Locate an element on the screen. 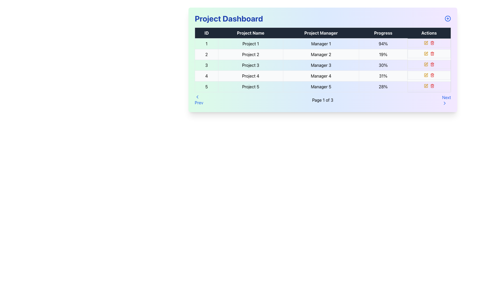 The width and height of the screenshot is (504, 283). the edit icon in the 'Actions' column of the row corresponding to 'Project 3' is located at coordinates (426, 63).